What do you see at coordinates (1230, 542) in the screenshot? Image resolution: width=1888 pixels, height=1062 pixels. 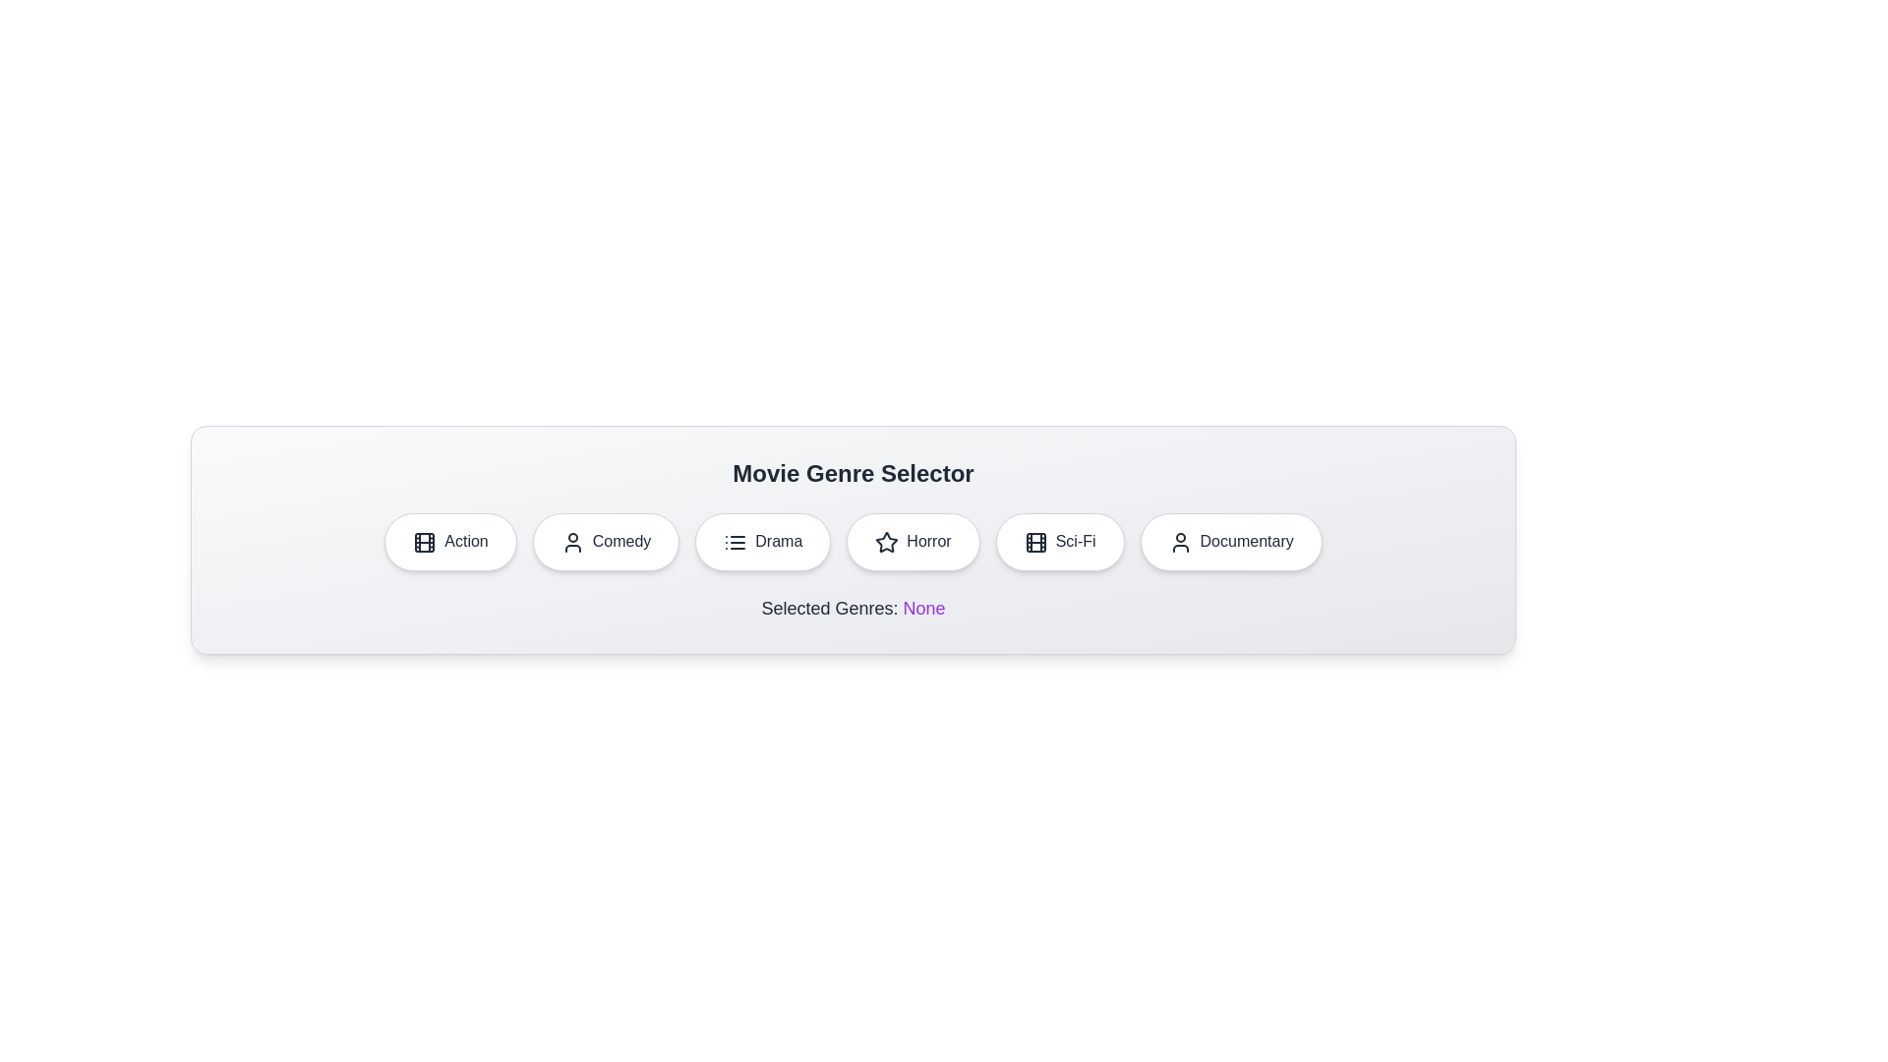 I see `the 'Documentary' genre button, which is the sixth button in the horizontal list under the 'Movie Genre Selector' heading` at bounding box center [1230, 542].